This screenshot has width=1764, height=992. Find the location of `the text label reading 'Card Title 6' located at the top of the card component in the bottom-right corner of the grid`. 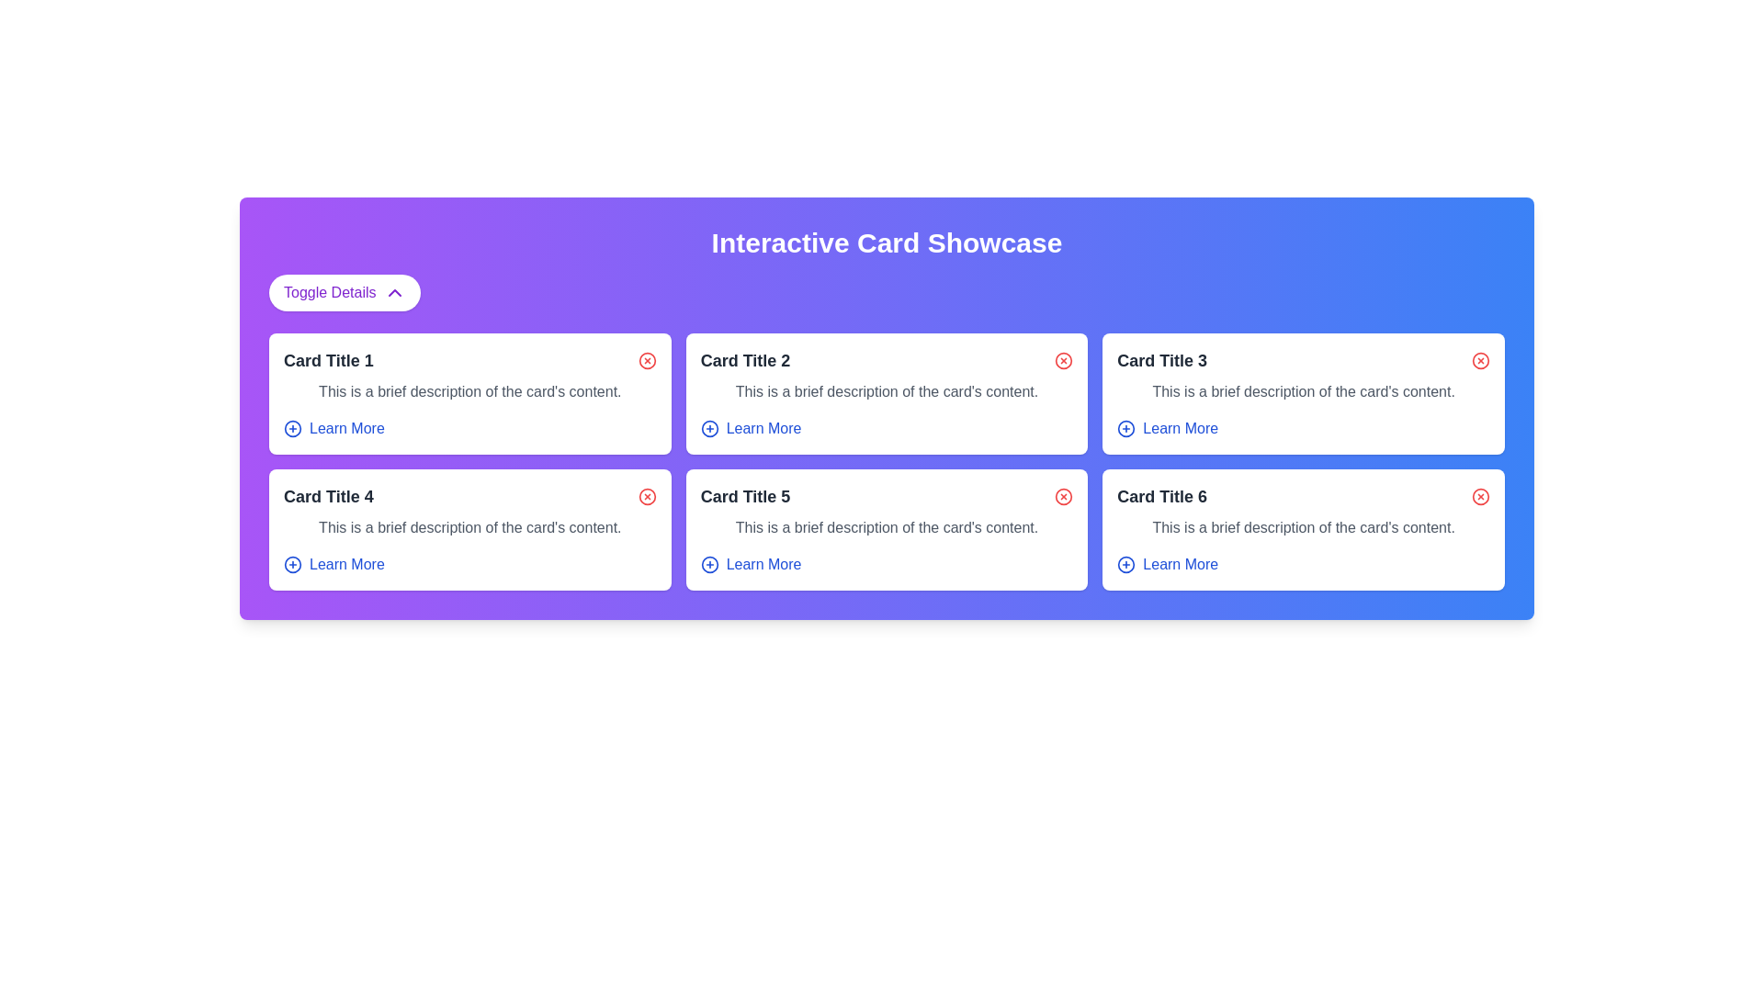

the text label reading 'Card Title 6' located at the top of the card component in the bottom-right corner of the grid is located at coordinates (1161, 496).